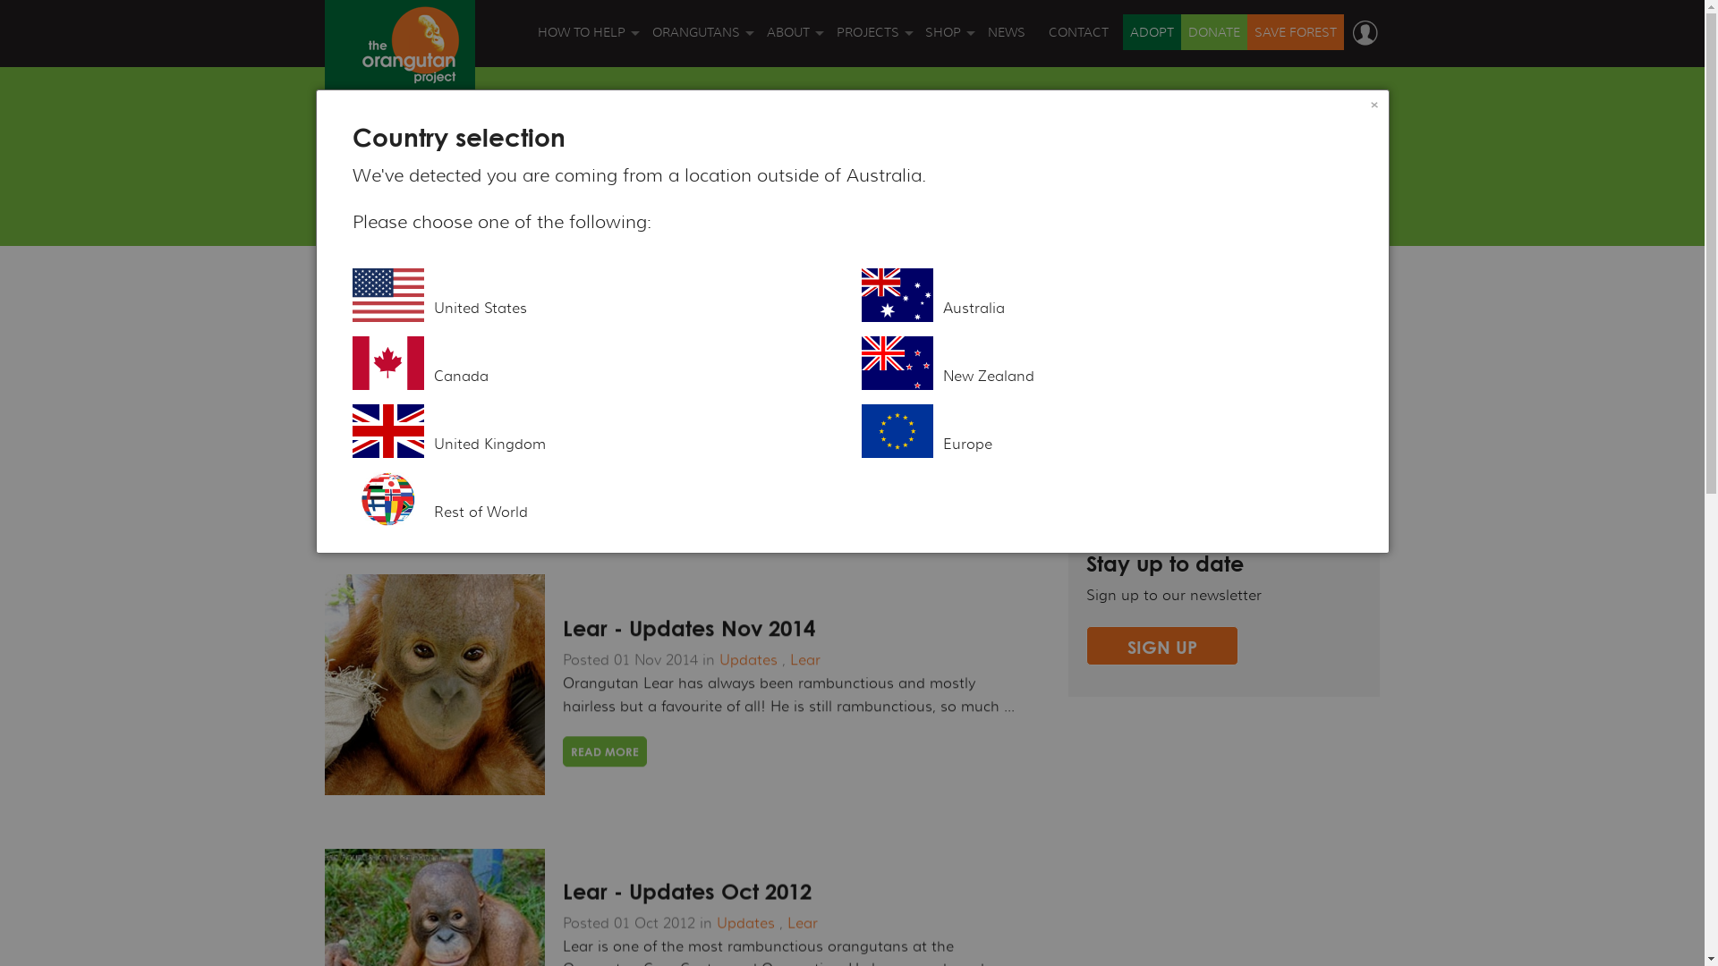  I want to click on 'Lear', so click(804, 661).